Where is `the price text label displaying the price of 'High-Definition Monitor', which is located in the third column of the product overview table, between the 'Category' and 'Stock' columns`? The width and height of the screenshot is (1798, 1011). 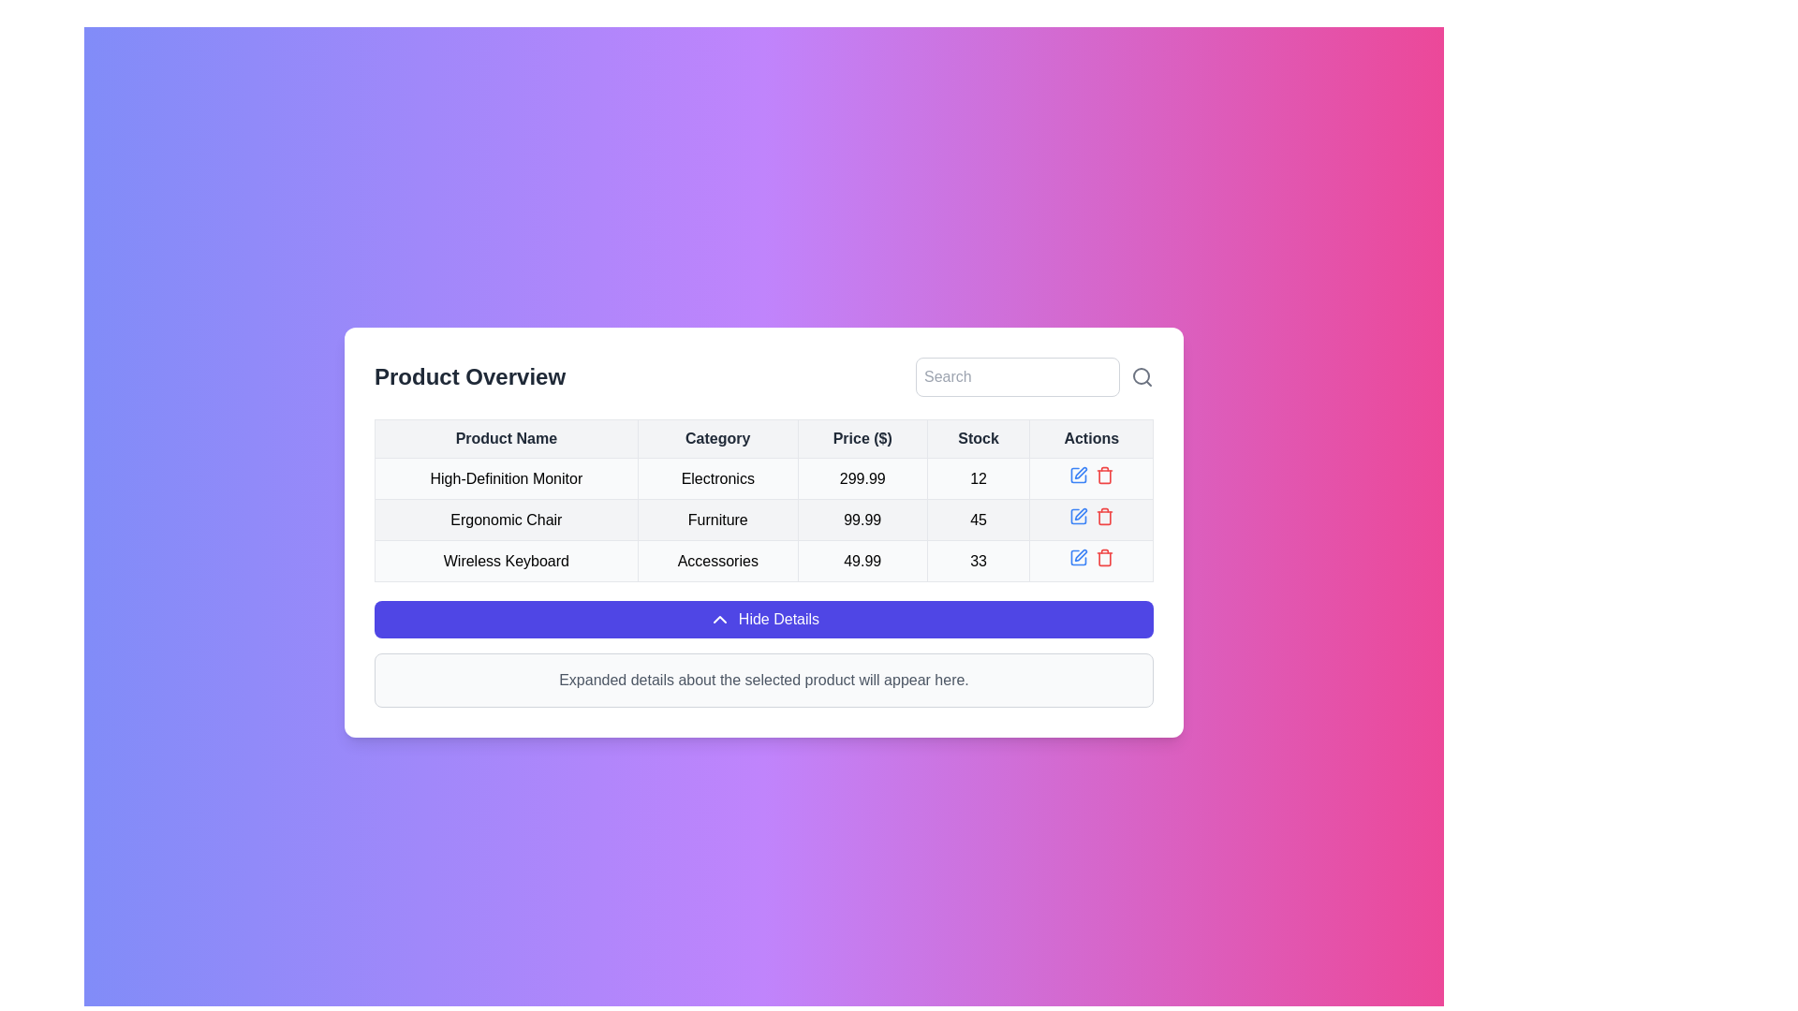
the price text label displaying the price of 'High-Definition Monitor', which is located in the third column of the product overview table, between the 'Category' and 'Stock' columns is located at coordinates (862, 477).